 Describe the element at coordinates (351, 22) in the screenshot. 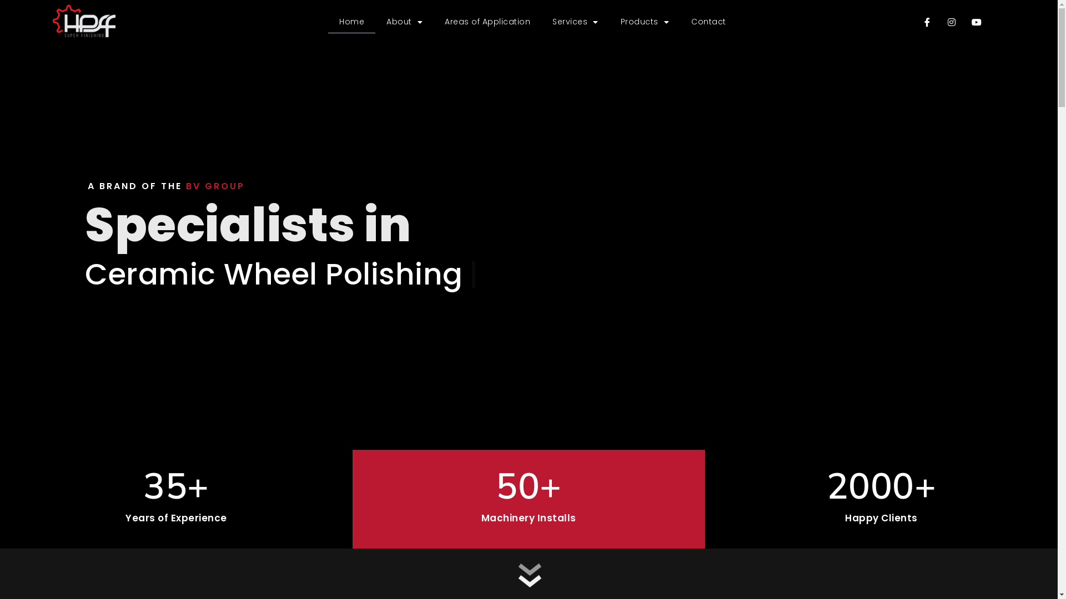

I see `'Home'` at that location.